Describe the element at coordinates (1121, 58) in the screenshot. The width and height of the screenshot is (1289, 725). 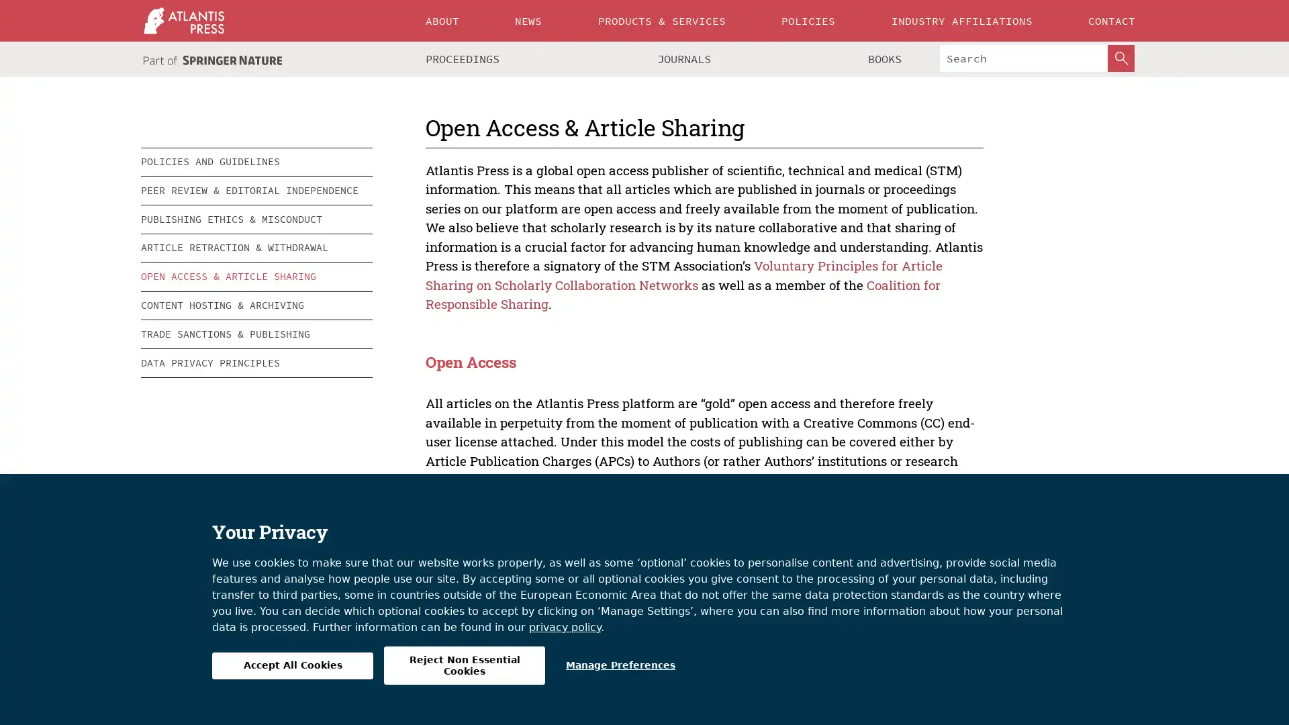
I see `SearchButton` at that location.